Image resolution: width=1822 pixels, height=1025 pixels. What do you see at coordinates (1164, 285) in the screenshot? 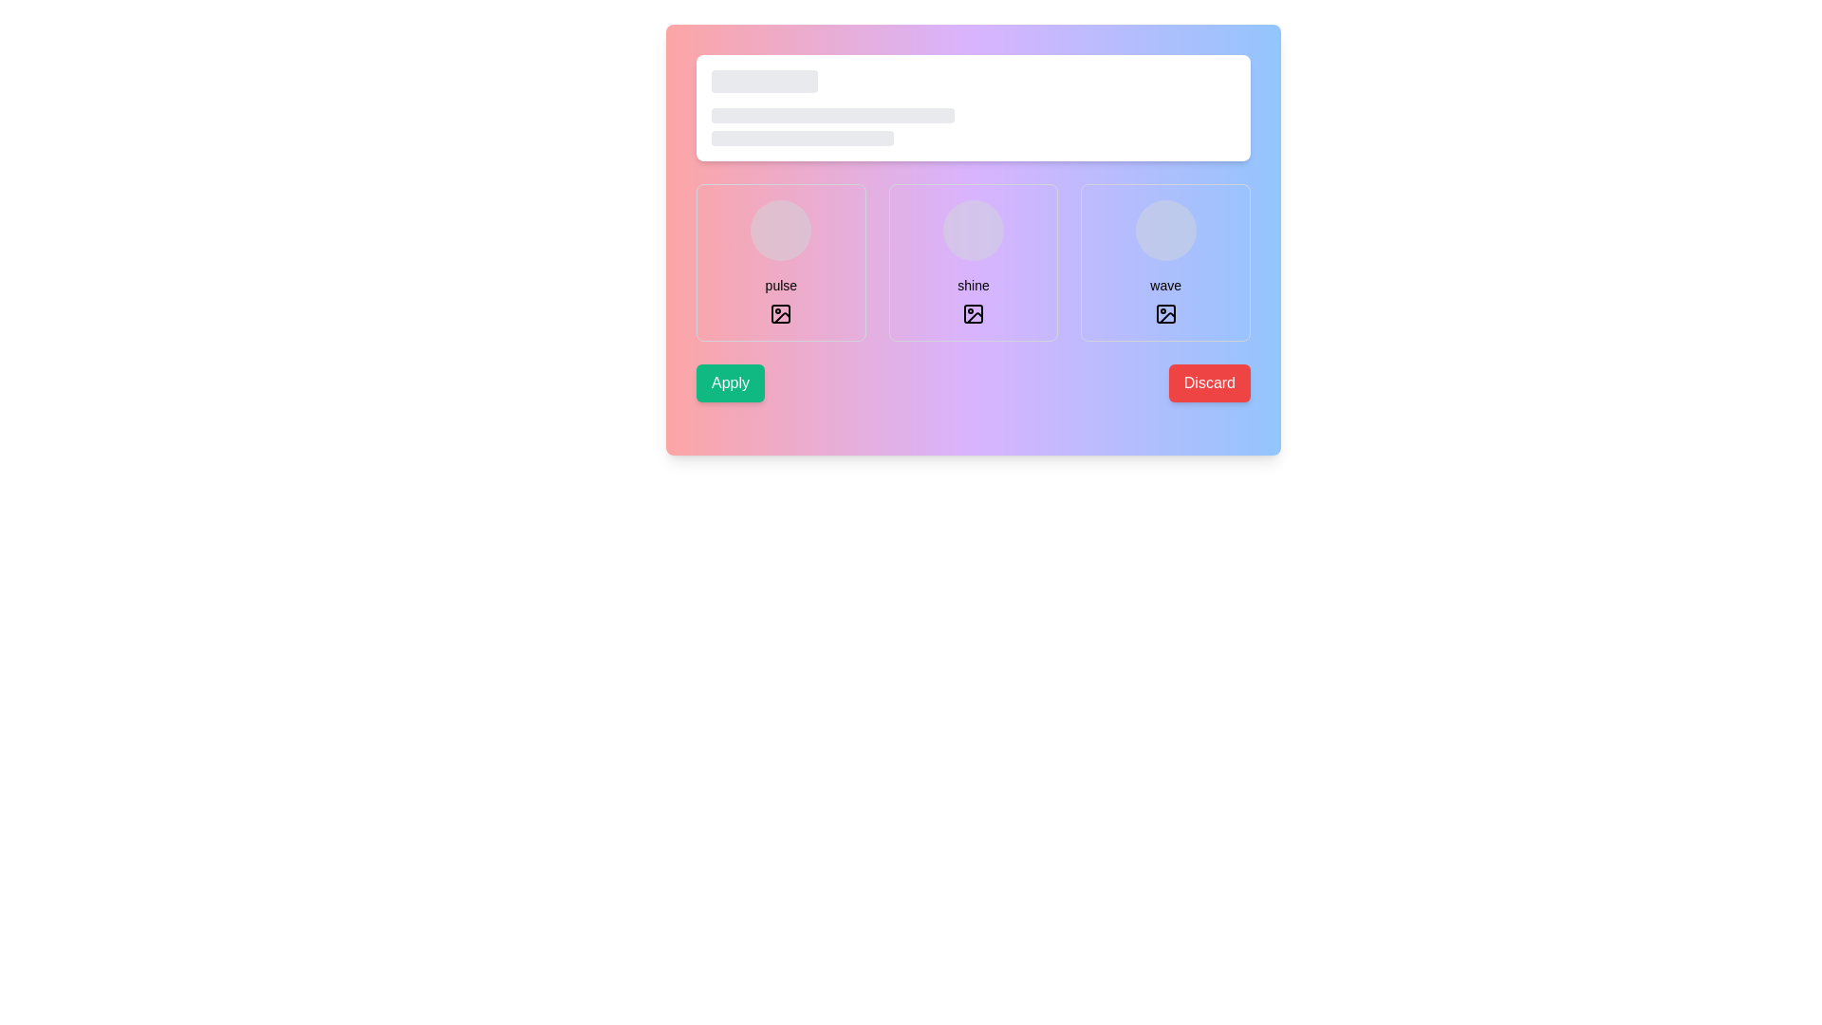
I see `the text label reading 'wave', which is the second text label in a set of three within the rightmost card, positioned below a circular placeholder and above a small icon` at bounding box center [1164, 285].